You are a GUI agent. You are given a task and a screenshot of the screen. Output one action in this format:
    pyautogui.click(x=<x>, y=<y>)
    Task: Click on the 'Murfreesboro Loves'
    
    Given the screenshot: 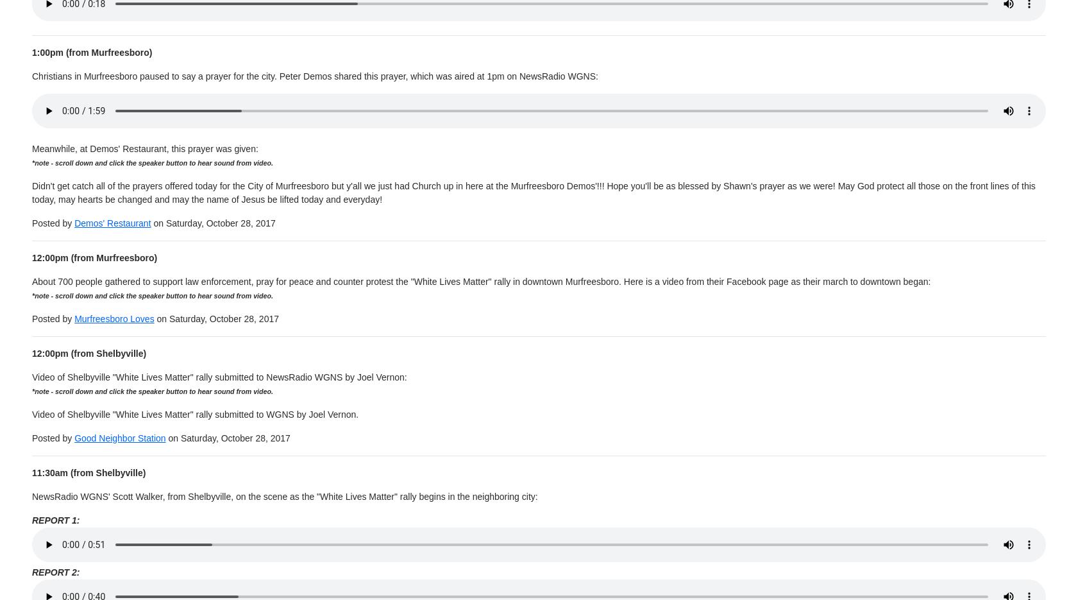 What is the action you would take?
    pyautogui.click(x=73, y=318)
    